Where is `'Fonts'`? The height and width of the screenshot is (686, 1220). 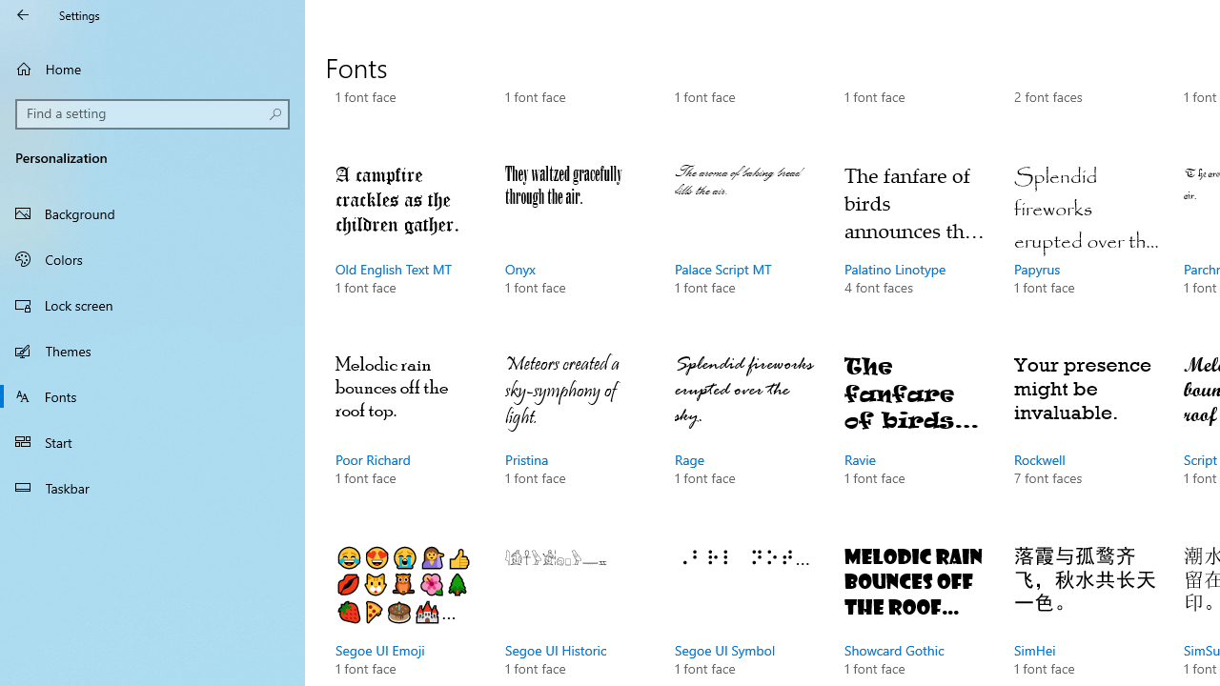 'Fonts' is located at coordinates (152, 394).